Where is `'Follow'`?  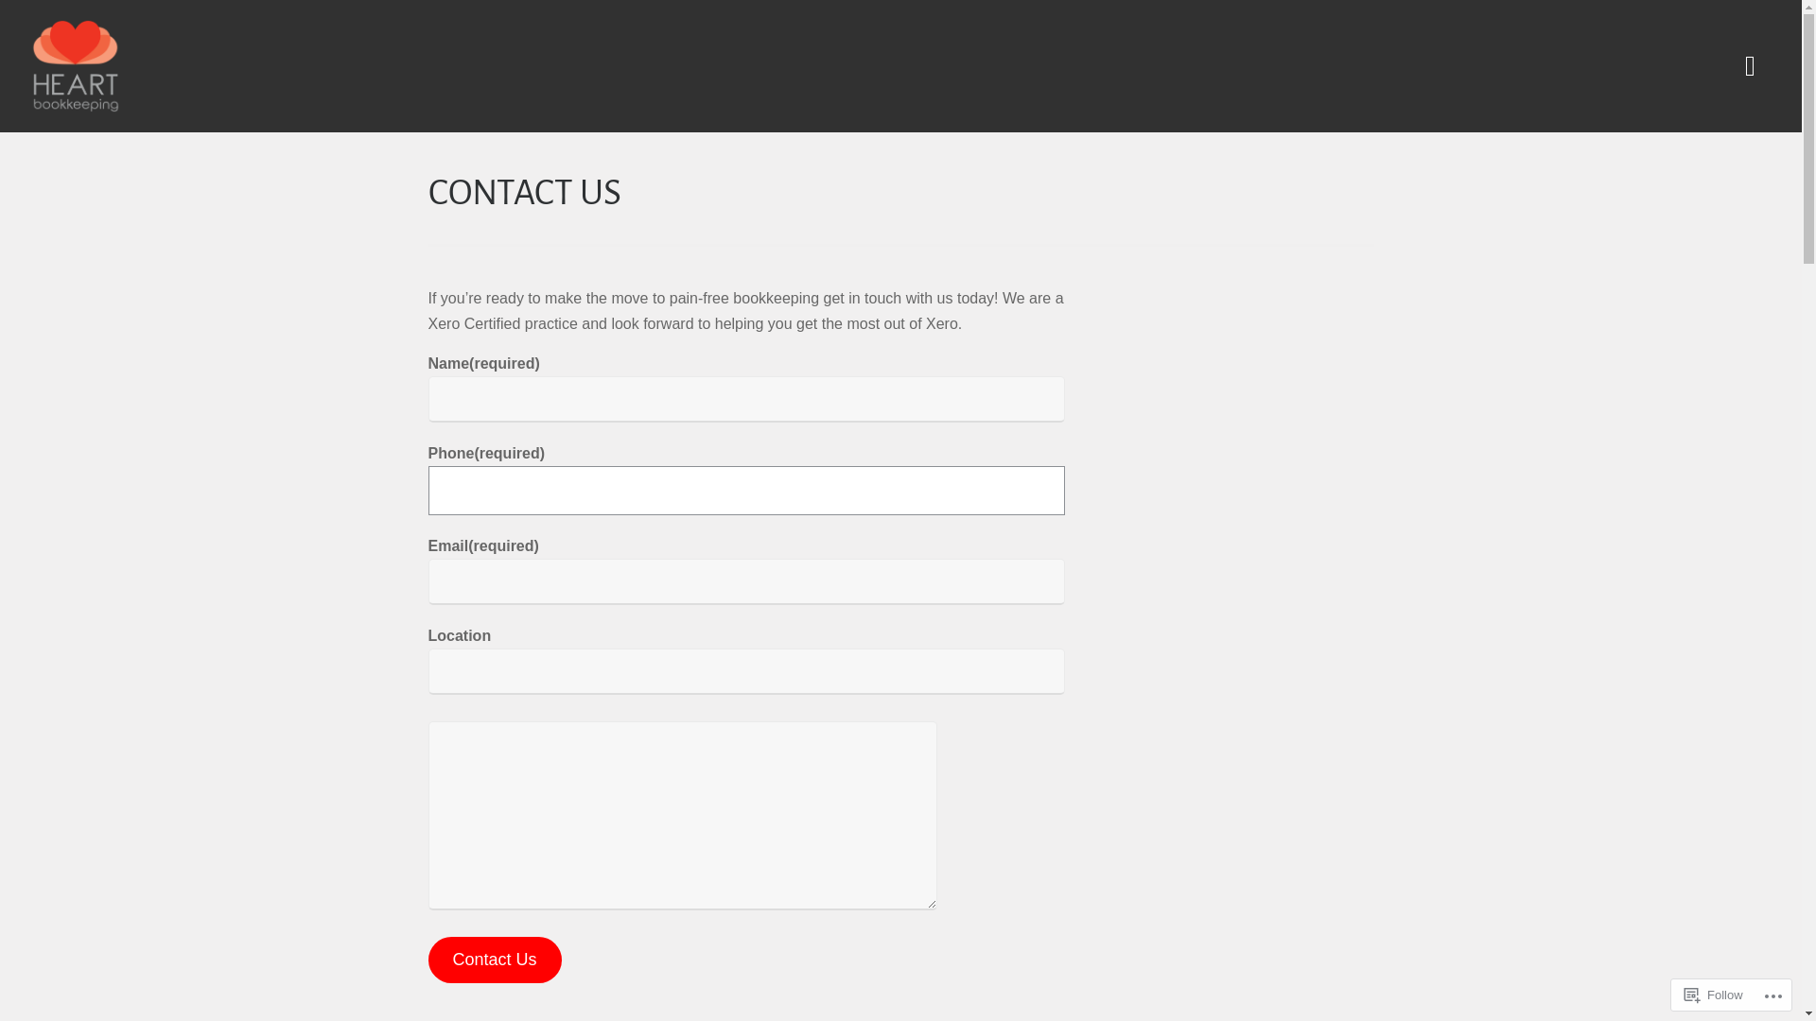
'Follow' is located at coordinates (1714, 994).